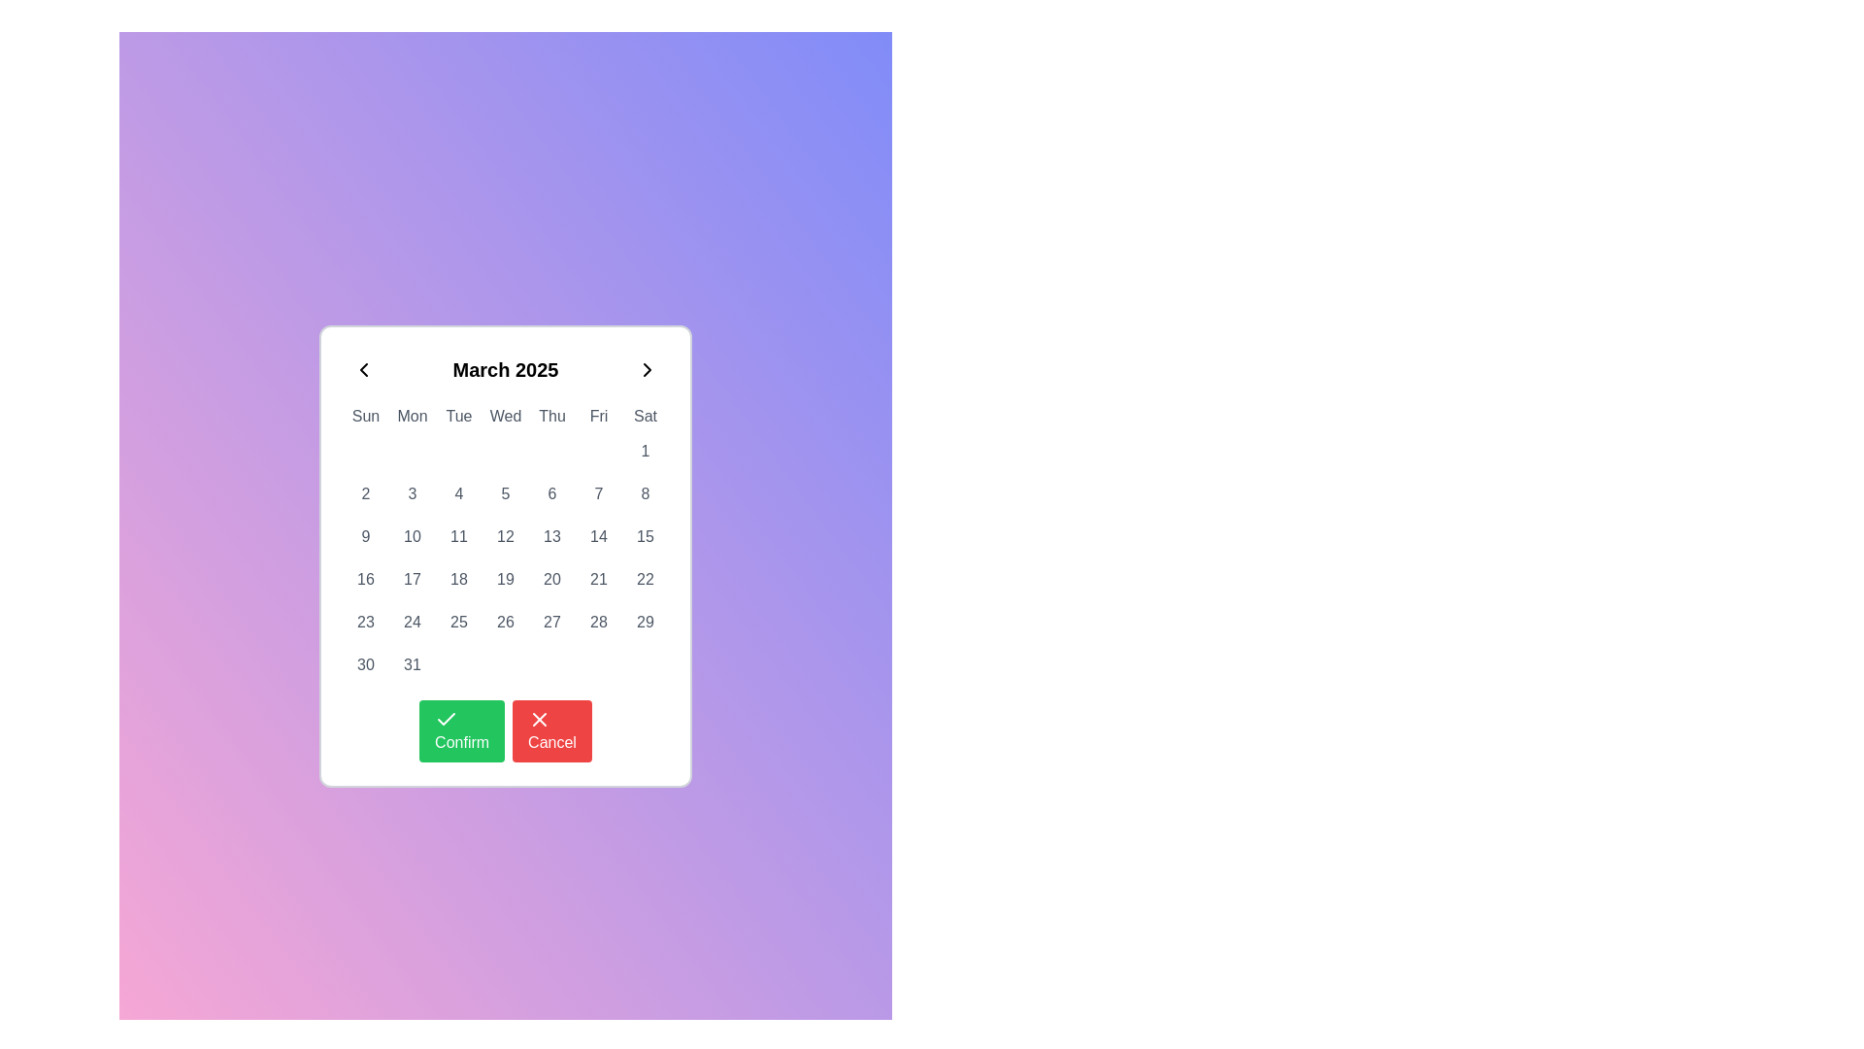  What do you see at coordinates (366, 536) in the screenshot?
I see `the square button displaying the number '9' in the calendar grid under 'March 2025'` at bounding box center [366, 536].